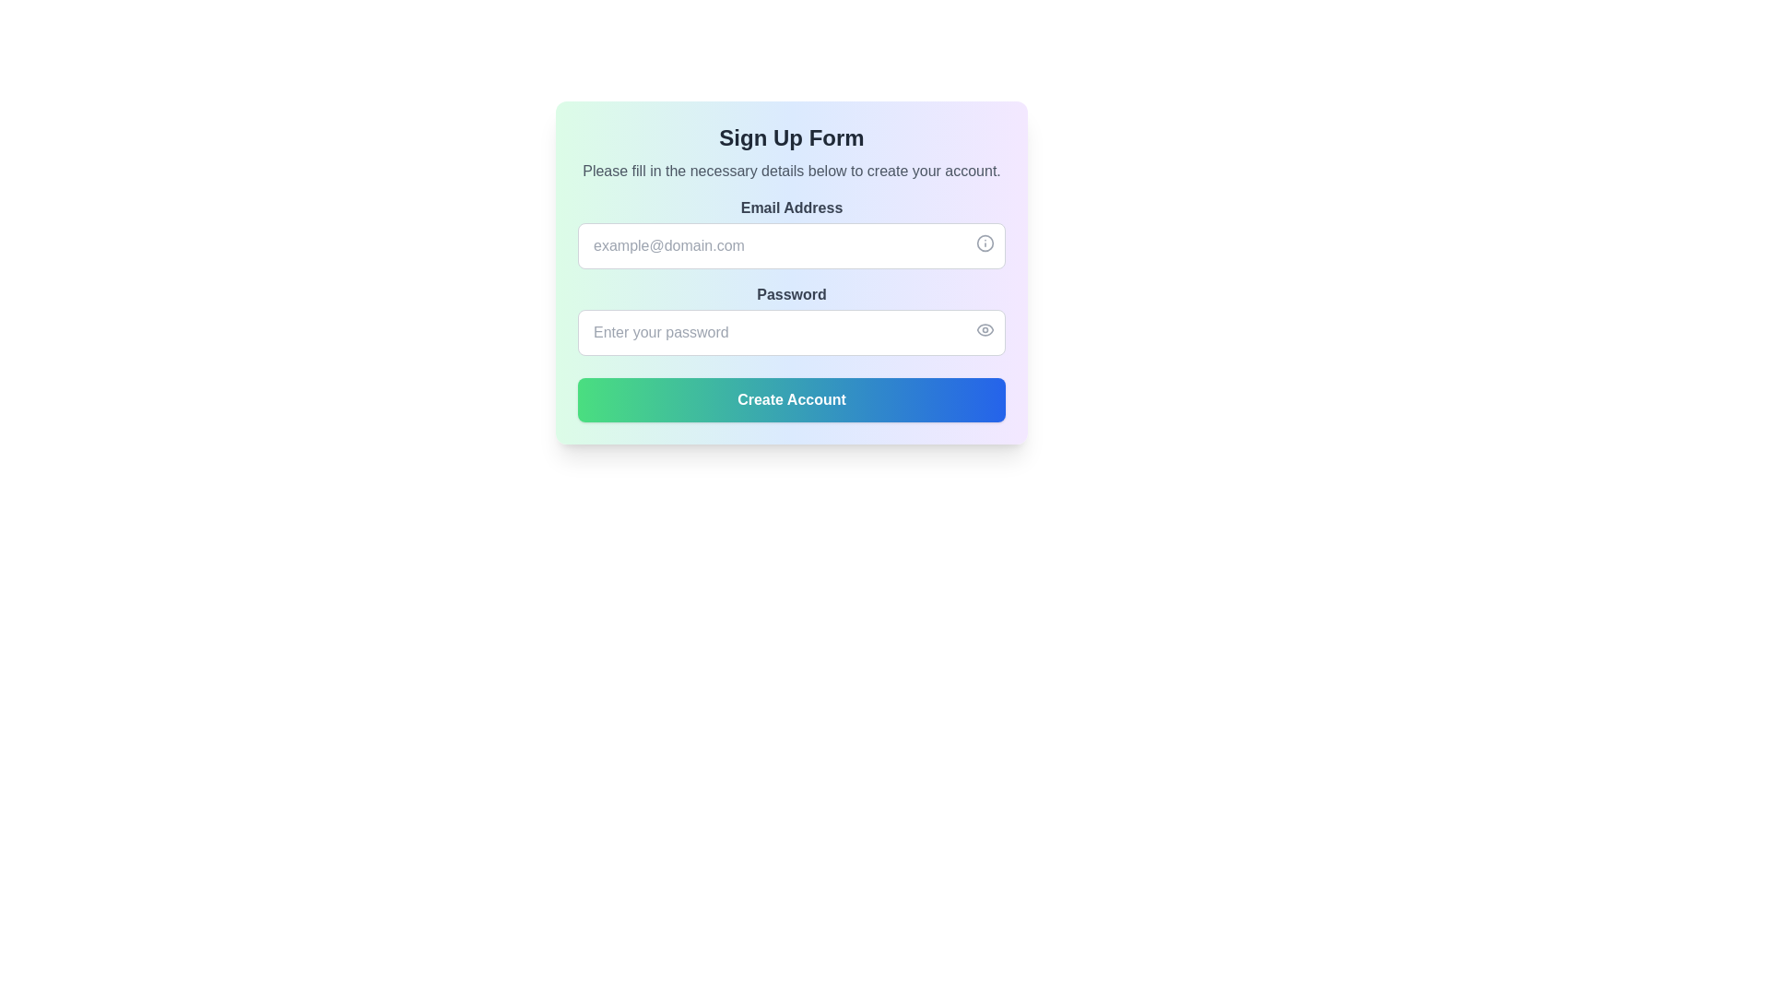  I want to click on the decorative SVG circle component indicating additional information related to the 'Email Address' field, positioned on the rightmost side of the input box, so click(985, 242).